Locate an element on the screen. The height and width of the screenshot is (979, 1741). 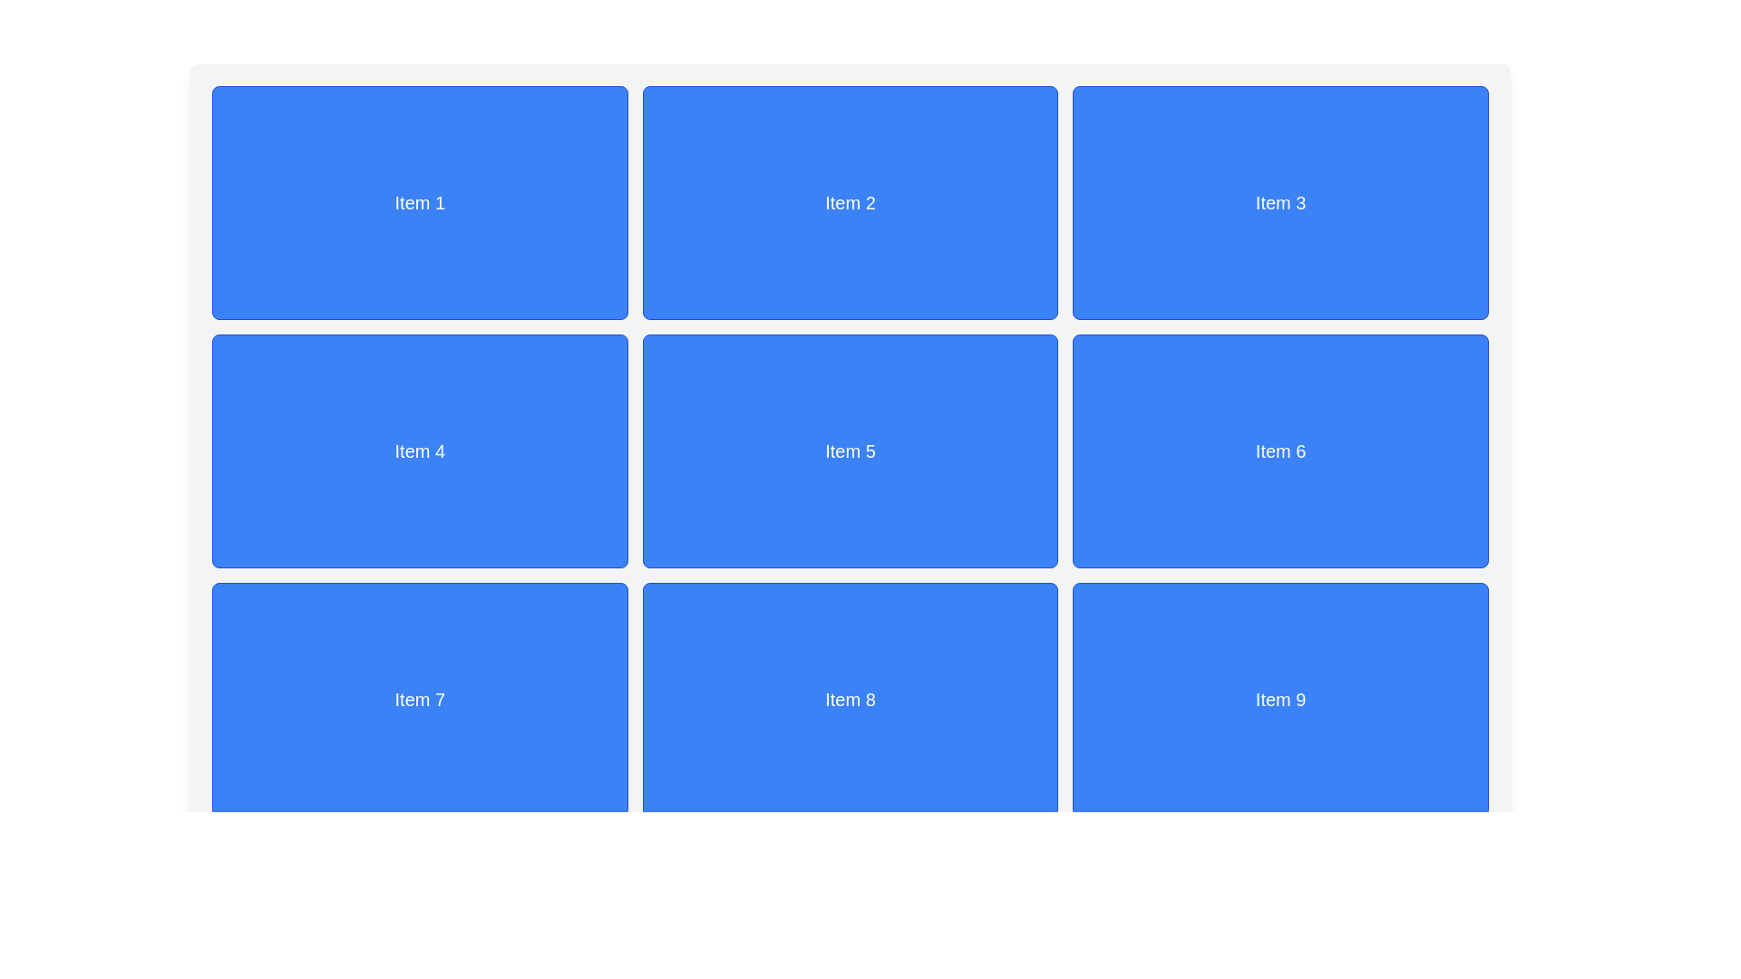
the grid item representing 'Item 9', located at the bottom-right corner of a 3x3 grid layout is located at coordinates (1279, 698).